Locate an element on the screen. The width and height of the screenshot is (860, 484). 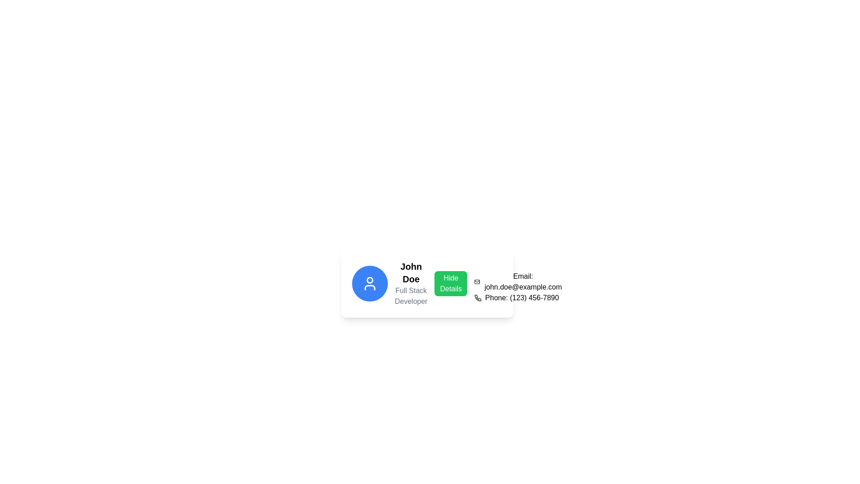
the phone number icon located at the bottom-right area of the main card structure to enhance the readability of the associated phone number text is located at coordinates (477, 298).